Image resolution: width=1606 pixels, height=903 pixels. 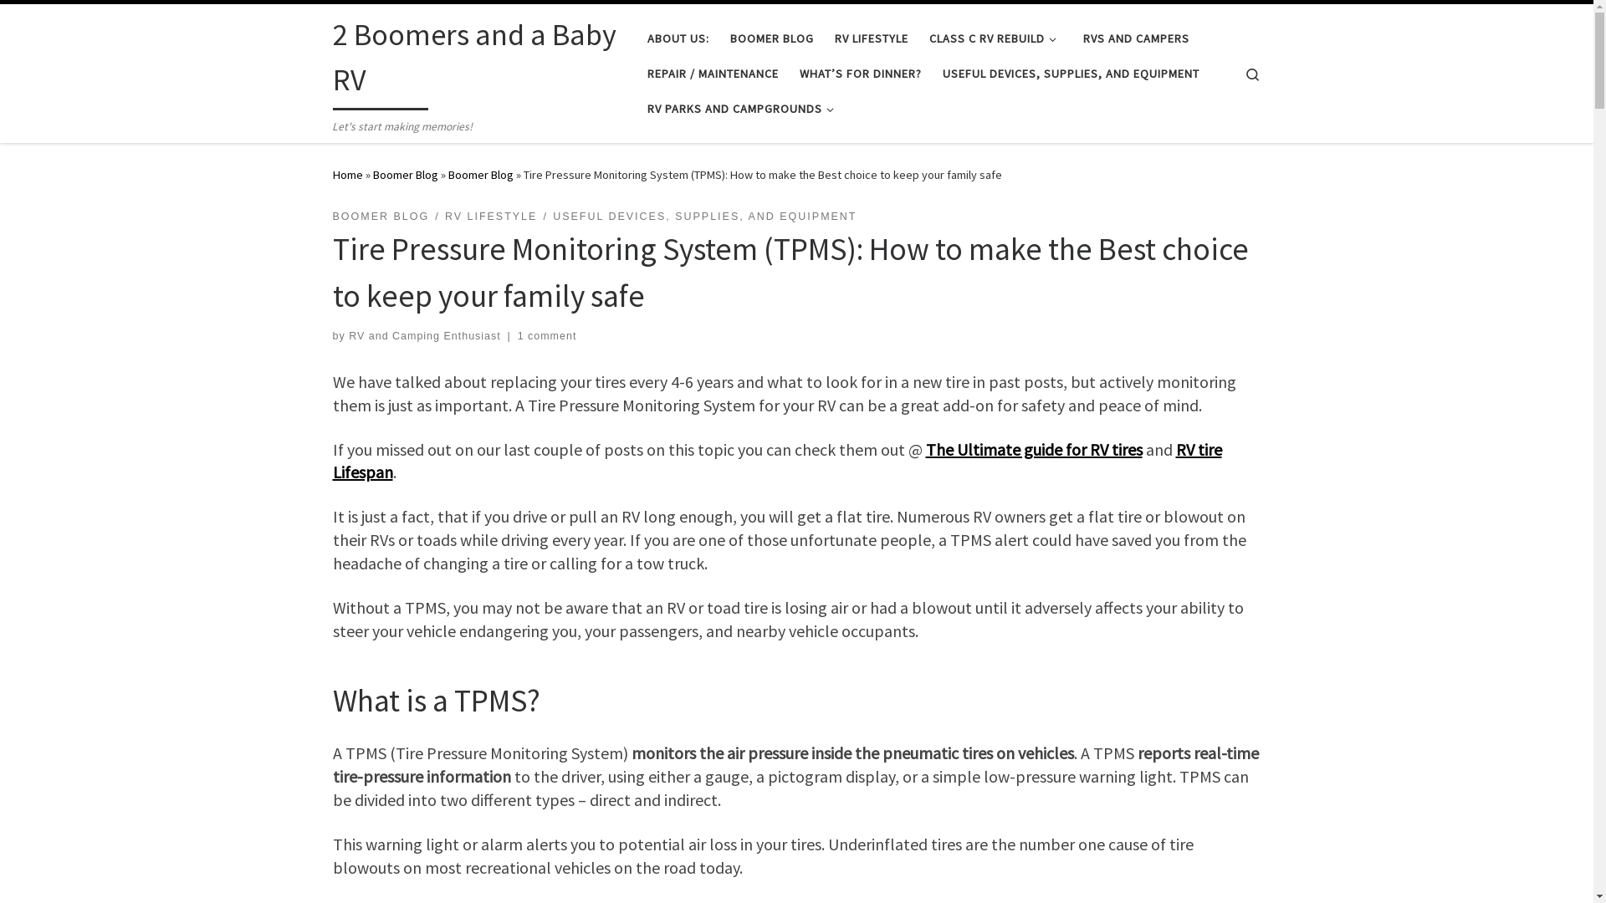 What do you see at coordinates (1071, 73) in the screenshot?
I see `'USEFUL DEVICES, SUPPLIES, AND EQUIPMENT'` at bounding box center [1071, 73].